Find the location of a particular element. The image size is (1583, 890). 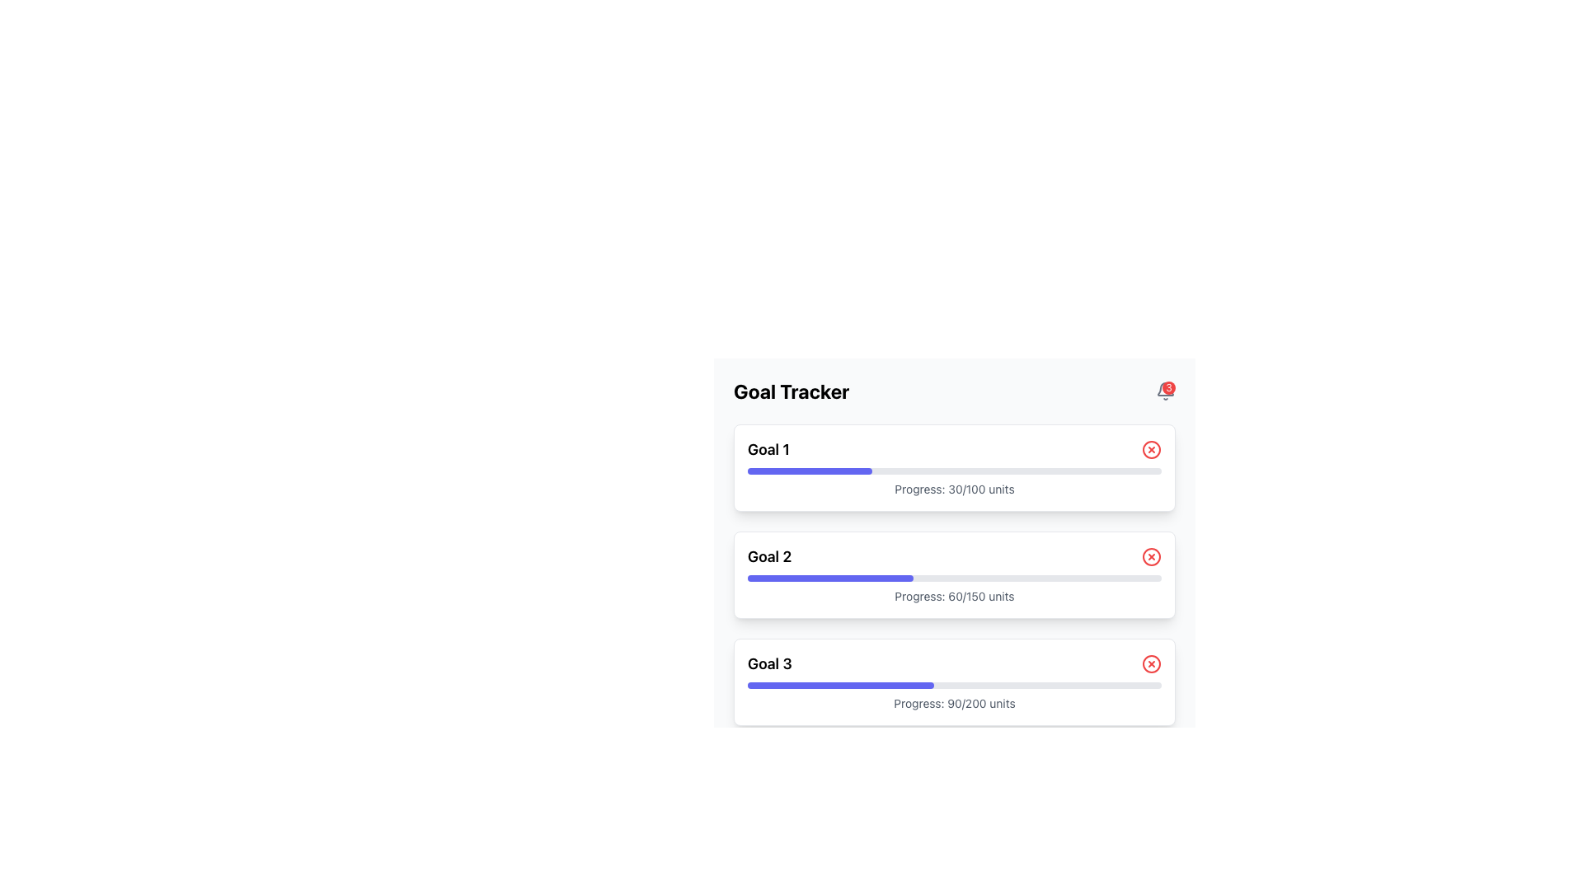

the progress level is located at coordinates (747, 578).